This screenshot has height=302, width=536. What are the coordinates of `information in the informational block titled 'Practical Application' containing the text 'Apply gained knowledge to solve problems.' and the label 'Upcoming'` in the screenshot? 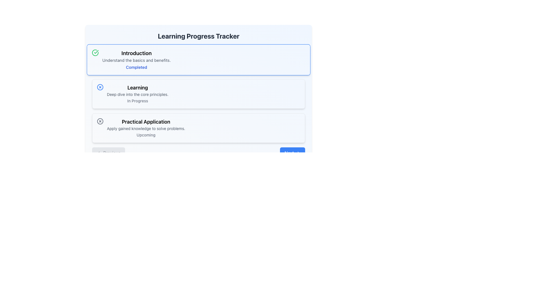 It's located at (146, 128).